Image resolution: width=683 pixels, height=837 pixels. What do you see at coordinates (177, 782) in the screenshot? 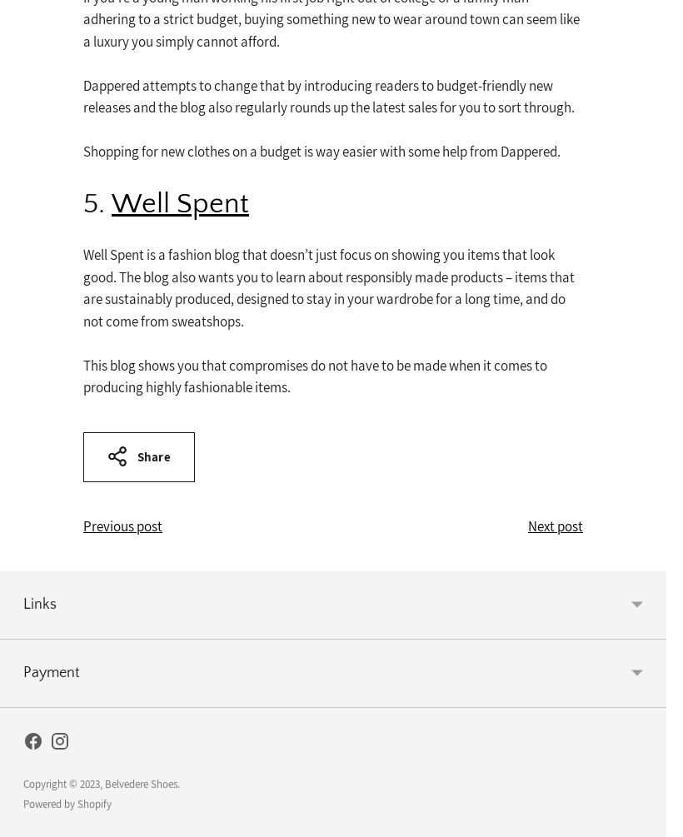
I see `'.'` at bounding box center [177, 782].